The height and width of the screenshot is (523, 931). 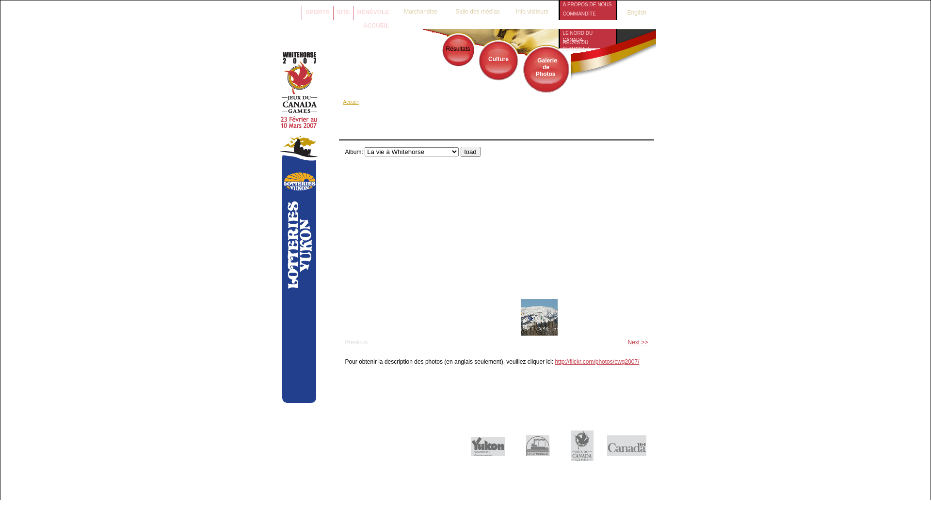 What do you see at coordinates (534, 66) in the screenshot?
I see `'Galerie` at bounding box center [534, 66].